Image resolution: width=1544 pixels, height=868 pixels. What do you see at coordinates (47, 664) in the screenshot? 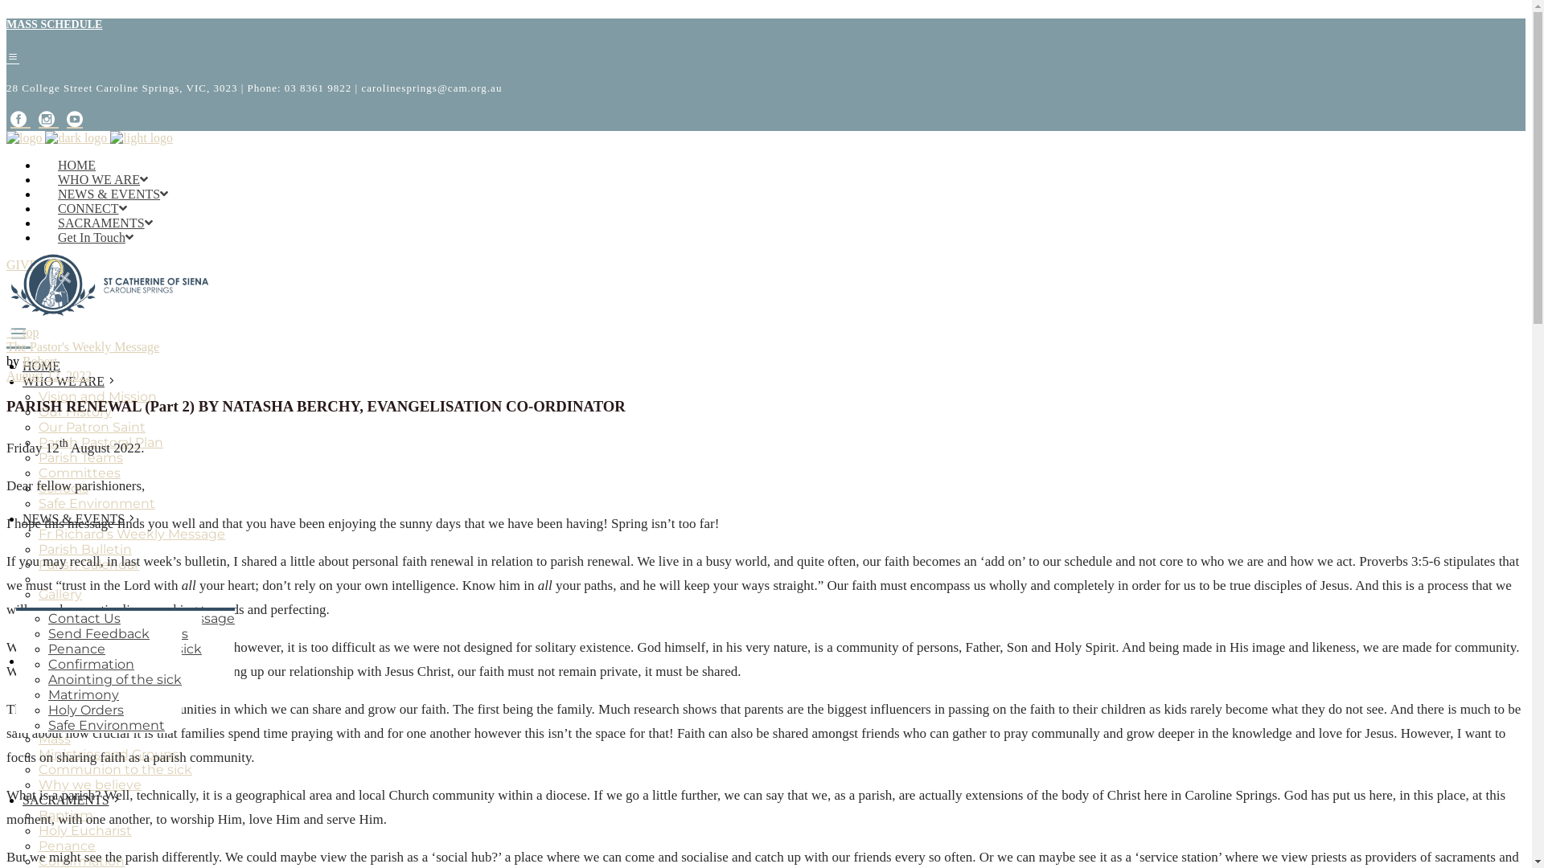
I see `'Confirmation'` at bounding box center [47, 664].